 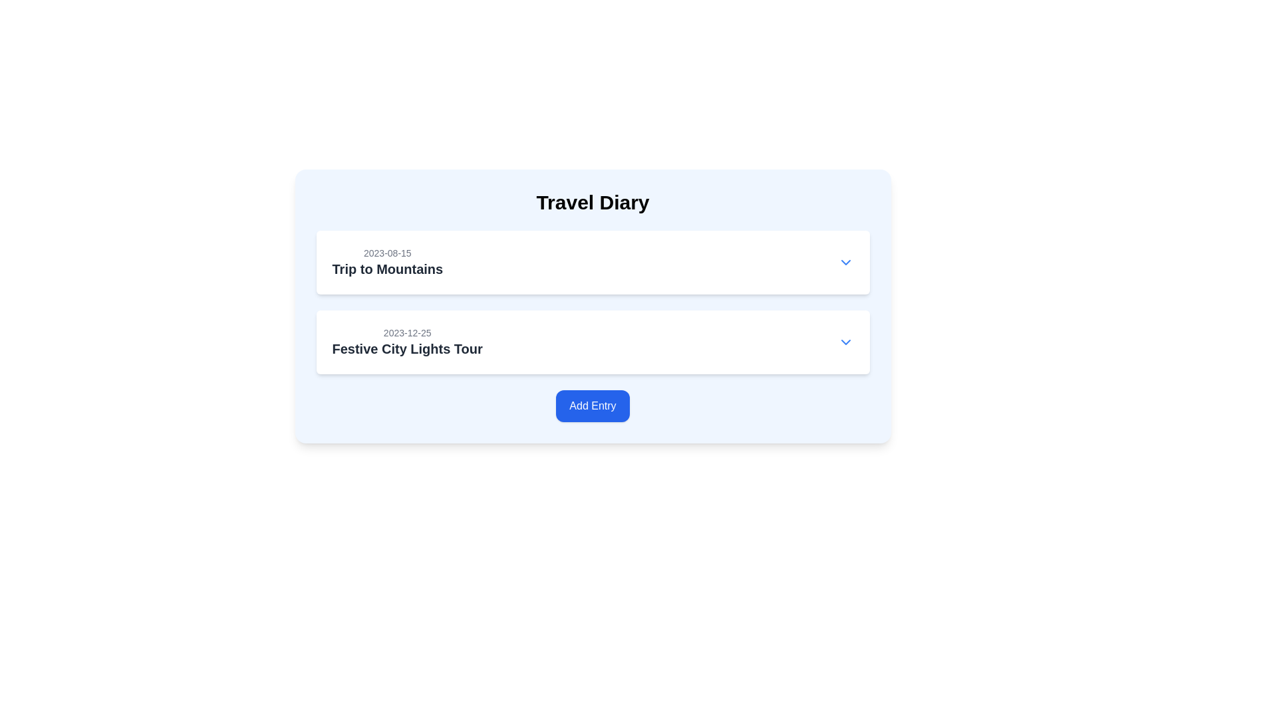 I want to click on the travel diary entry that displays the event name and date, which includes a dropdown arrow for interaction options, so click(x=592, y=342).